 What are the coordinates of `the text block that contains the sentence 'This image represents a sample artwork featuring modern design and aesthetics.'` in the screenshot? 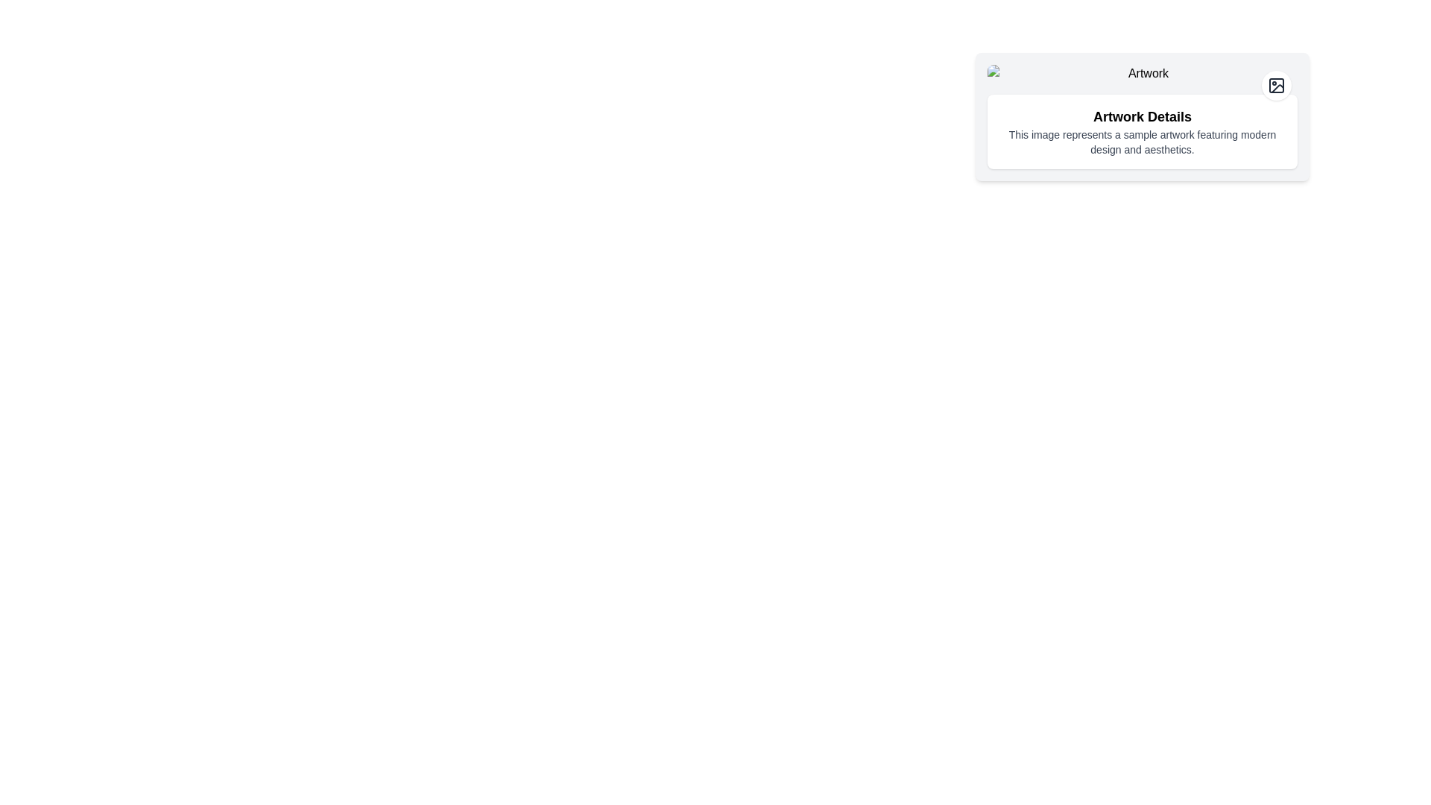 It's located at (1141, 142).